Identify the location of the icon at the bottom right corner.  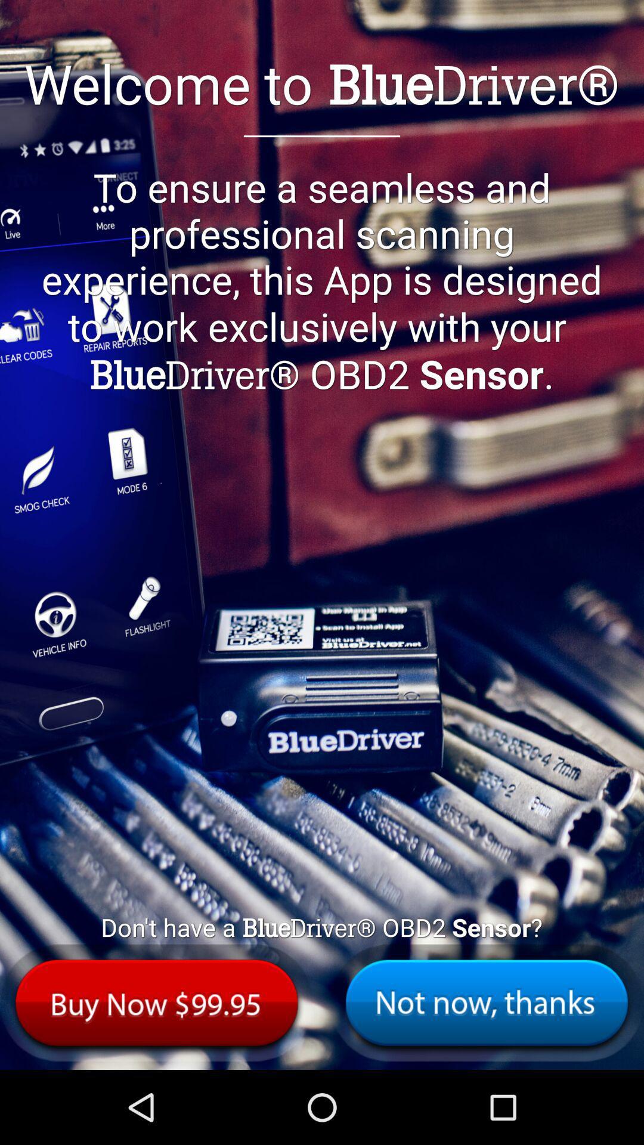
(487, 1002).